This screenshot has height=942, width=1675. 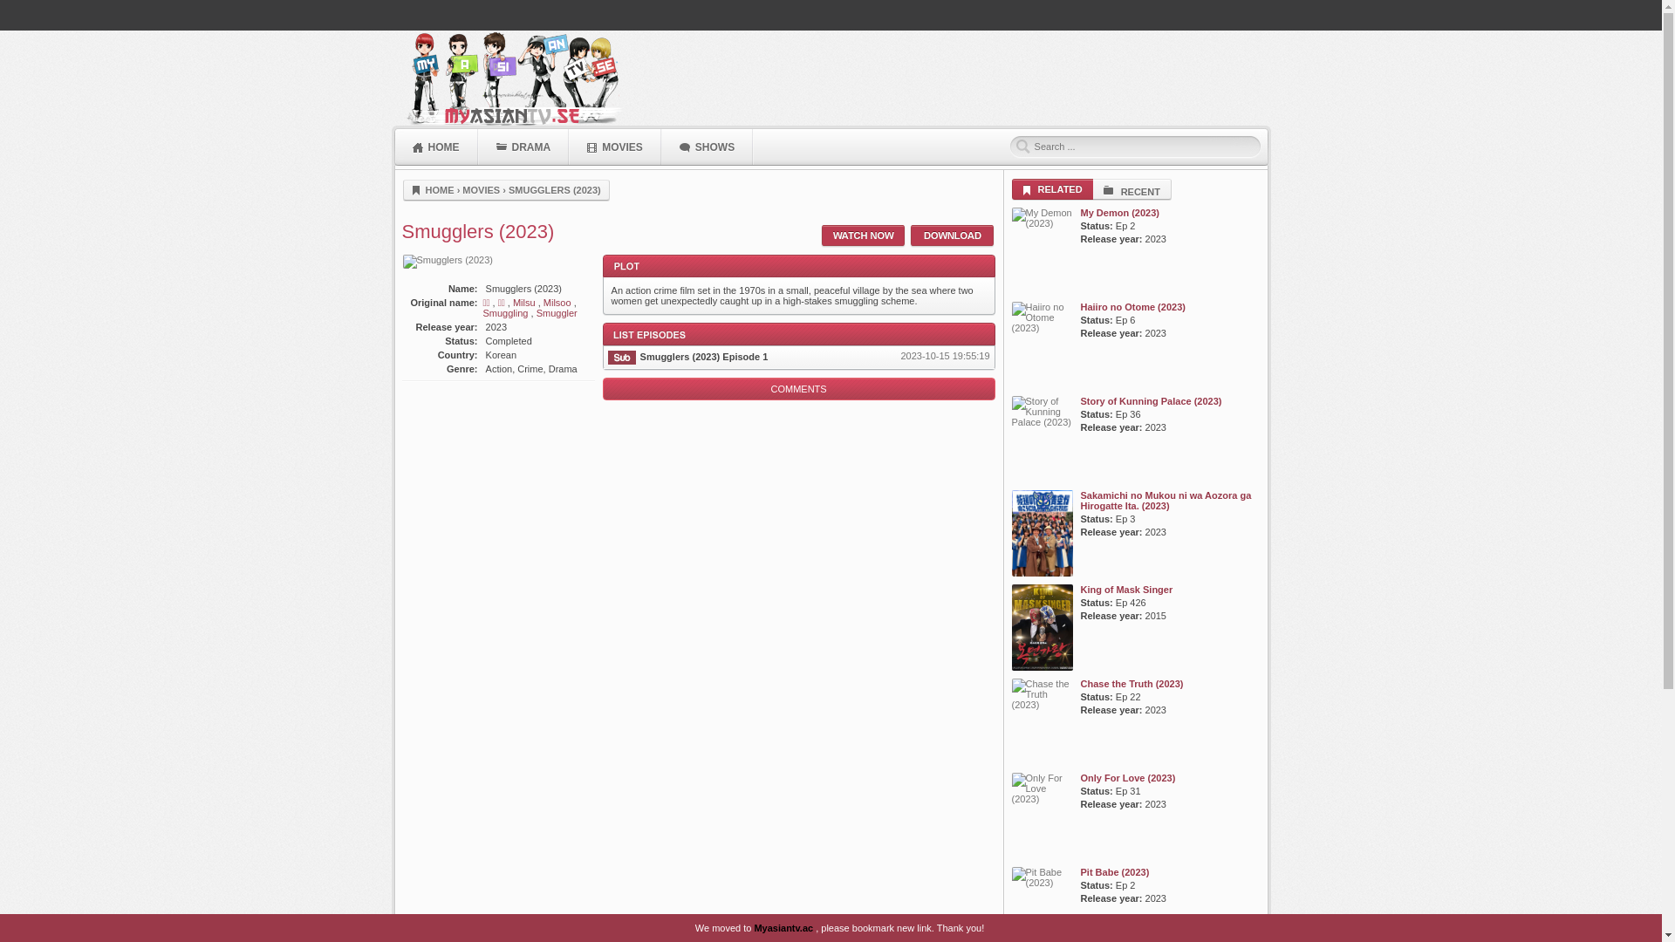 I want to click on 'RECENT', so click(x=1131, y=188).